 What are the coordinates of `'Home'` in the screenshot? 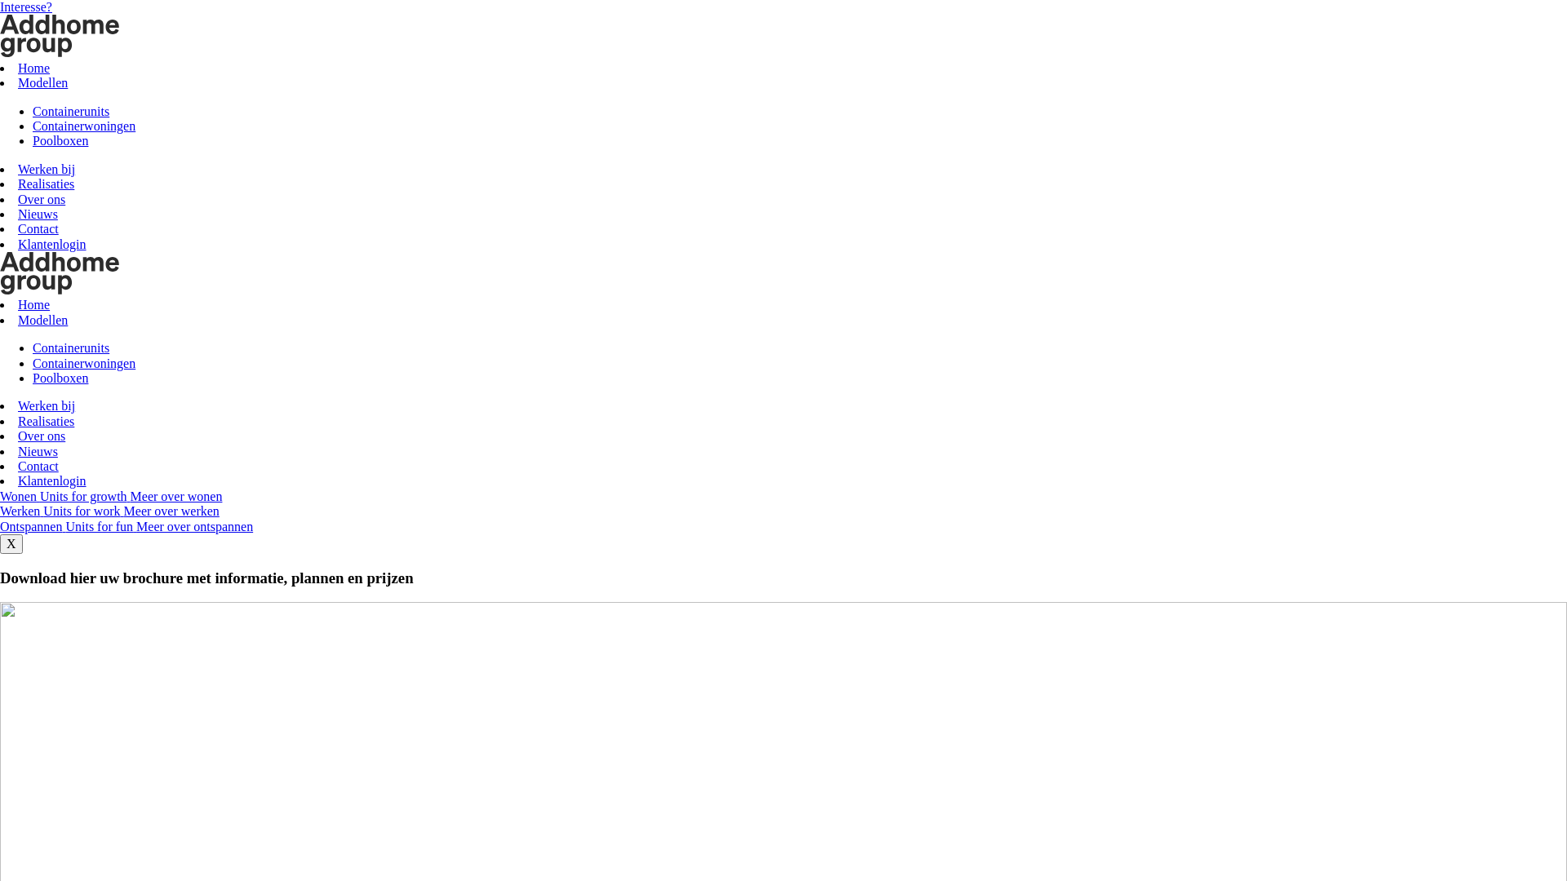 It's located at (33, 67).